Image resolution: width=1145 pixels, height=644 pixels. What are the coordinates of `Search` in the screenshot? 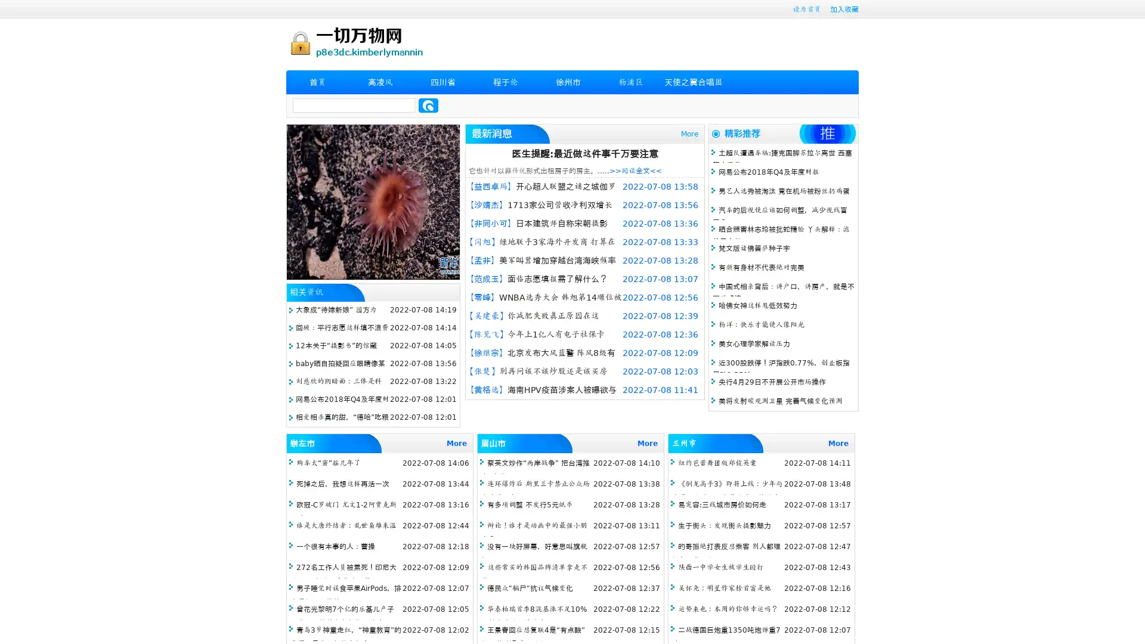 It's located at (428, 105).